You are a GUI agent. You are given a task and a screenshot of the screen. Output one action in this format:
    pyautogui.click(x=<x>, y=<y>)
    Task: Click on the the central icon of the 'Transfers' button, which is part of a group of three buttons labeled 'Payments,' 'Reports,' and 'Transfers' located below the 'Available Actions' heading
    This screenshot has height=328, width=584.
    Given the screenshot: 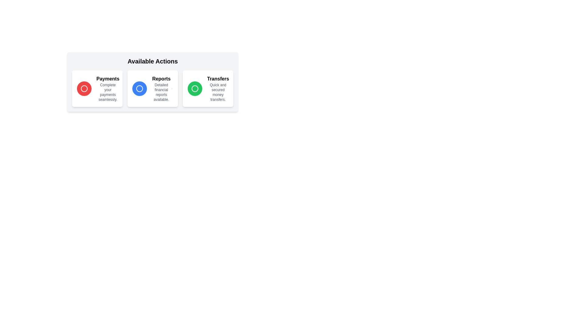 What is the action you would take?
    pyautogui.click(x=195, y=89)
    